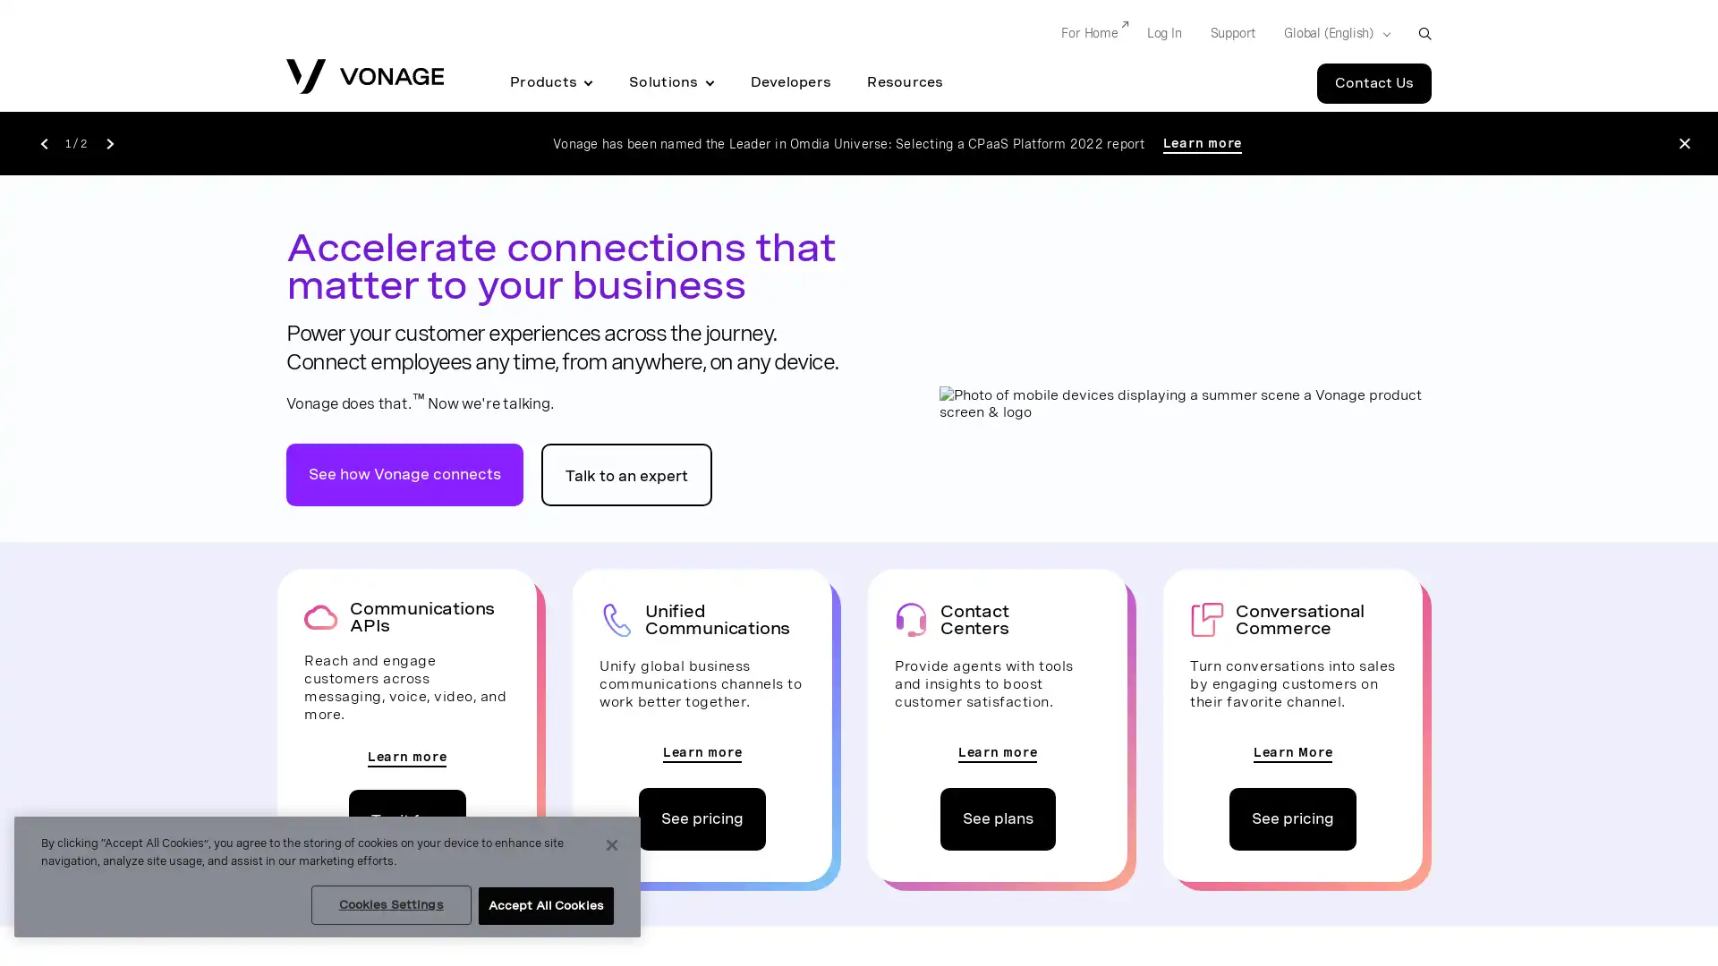 The width and height of the screenshot is (1718, 966). Describe the element at coordinates (108, 141) in the screenshot. I see `Go to the next announcement` at that location.